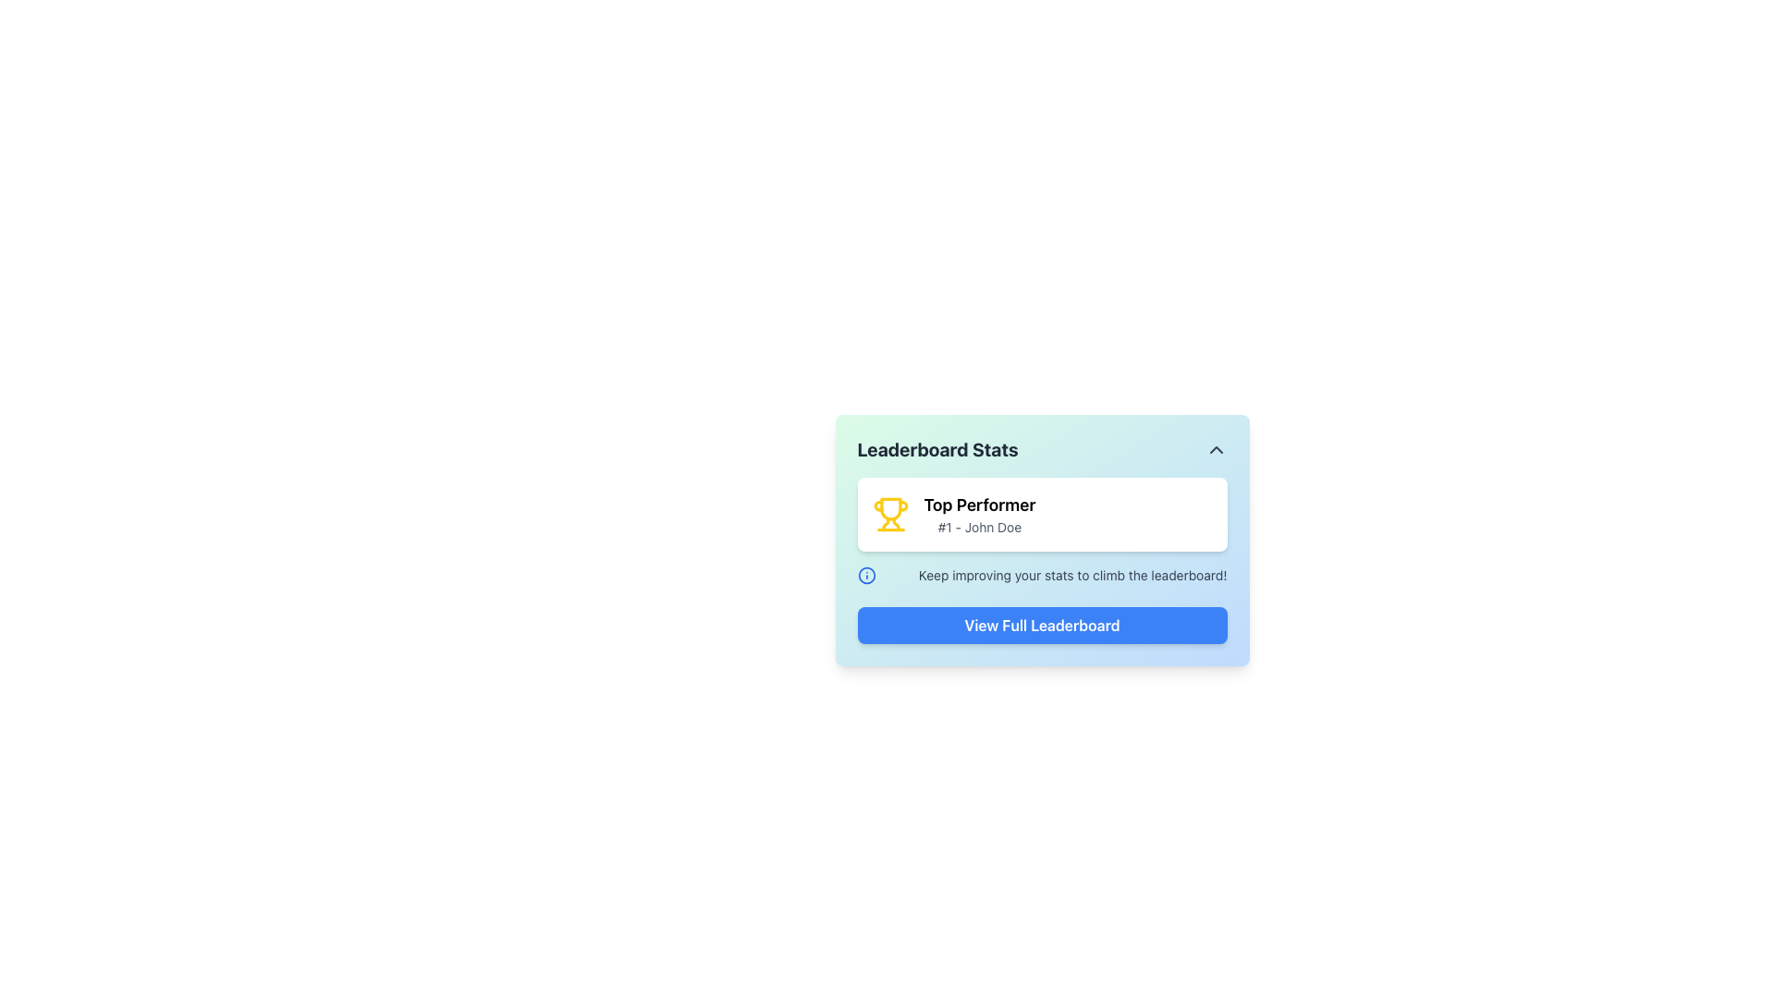 The width and height of the screenshot is (1775, 998). Describe the element at coordinates (890, 509) in the screenshot. I see `the trophy-shaped vector icon filled with a golden yellow color, located to the left of the text 'Top Performer' in the leaderboard card layout` at that location.